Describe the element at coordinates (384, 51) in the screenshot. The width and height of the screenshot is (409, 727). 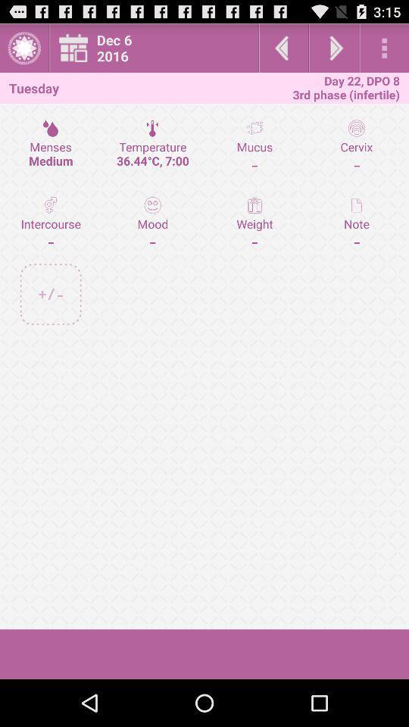
I see `the more icon` at that location.